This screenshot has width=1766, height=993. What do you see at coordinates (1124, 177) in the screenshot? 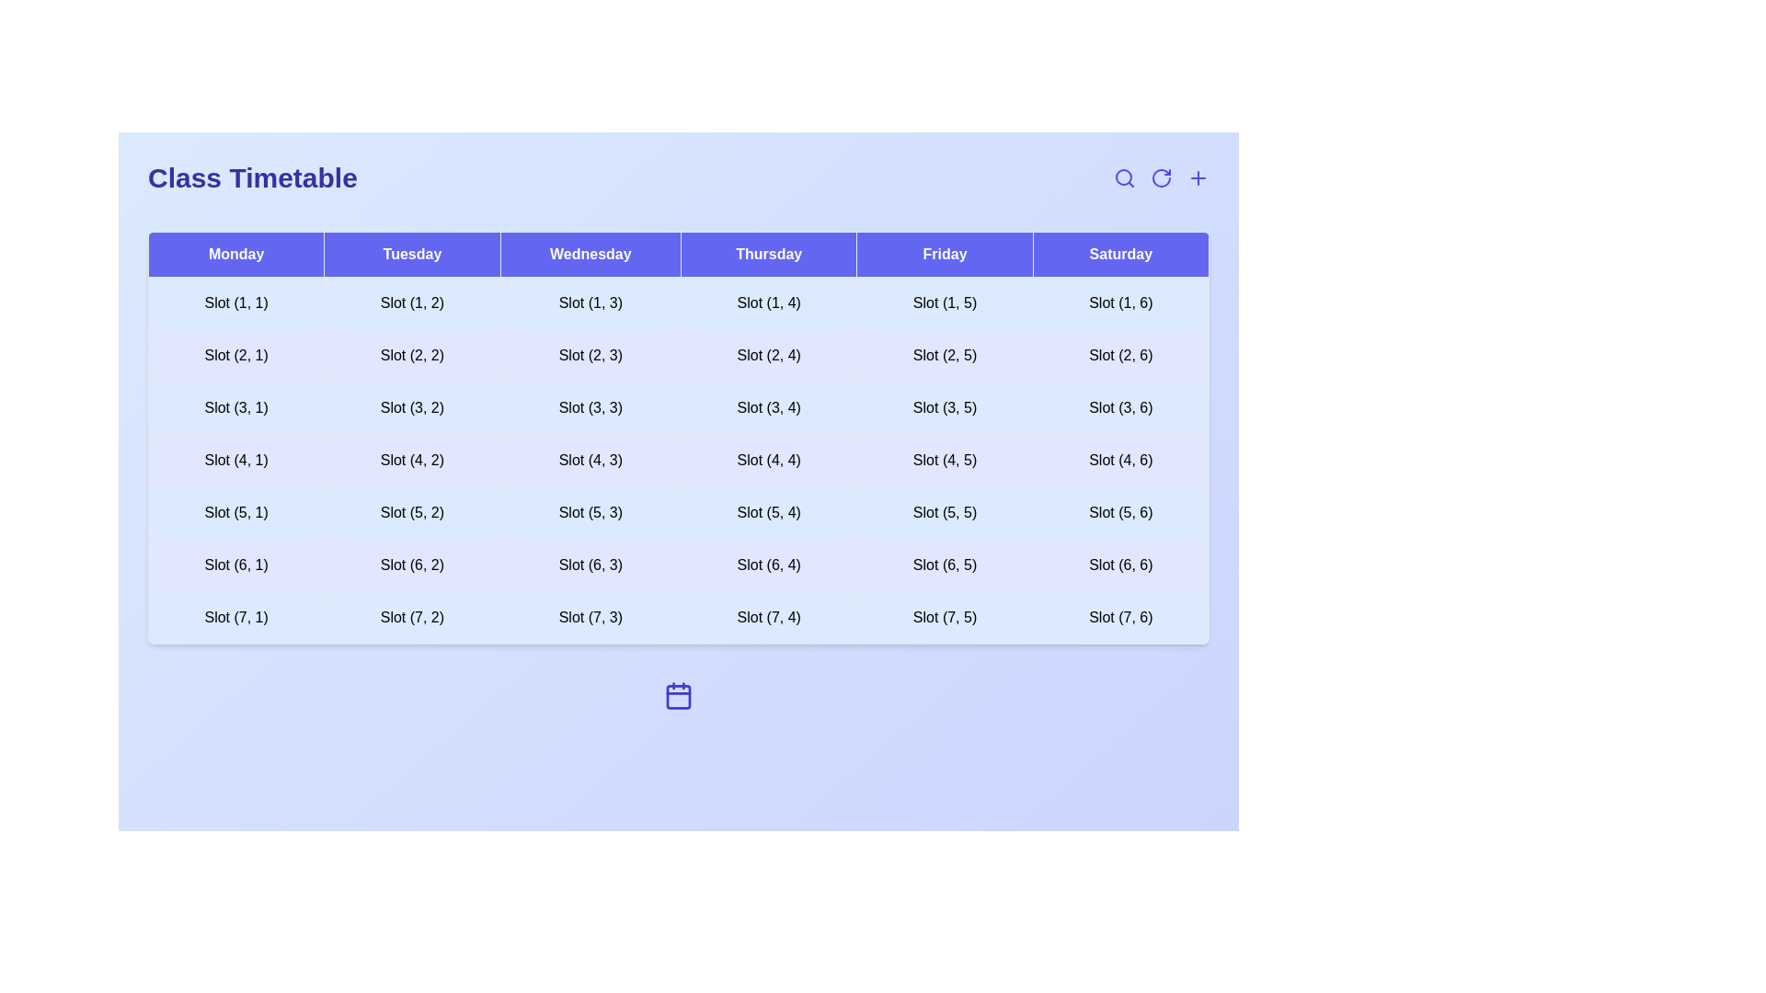
I see `the search icon to initiate a search` at bounding box center [1124, 177].